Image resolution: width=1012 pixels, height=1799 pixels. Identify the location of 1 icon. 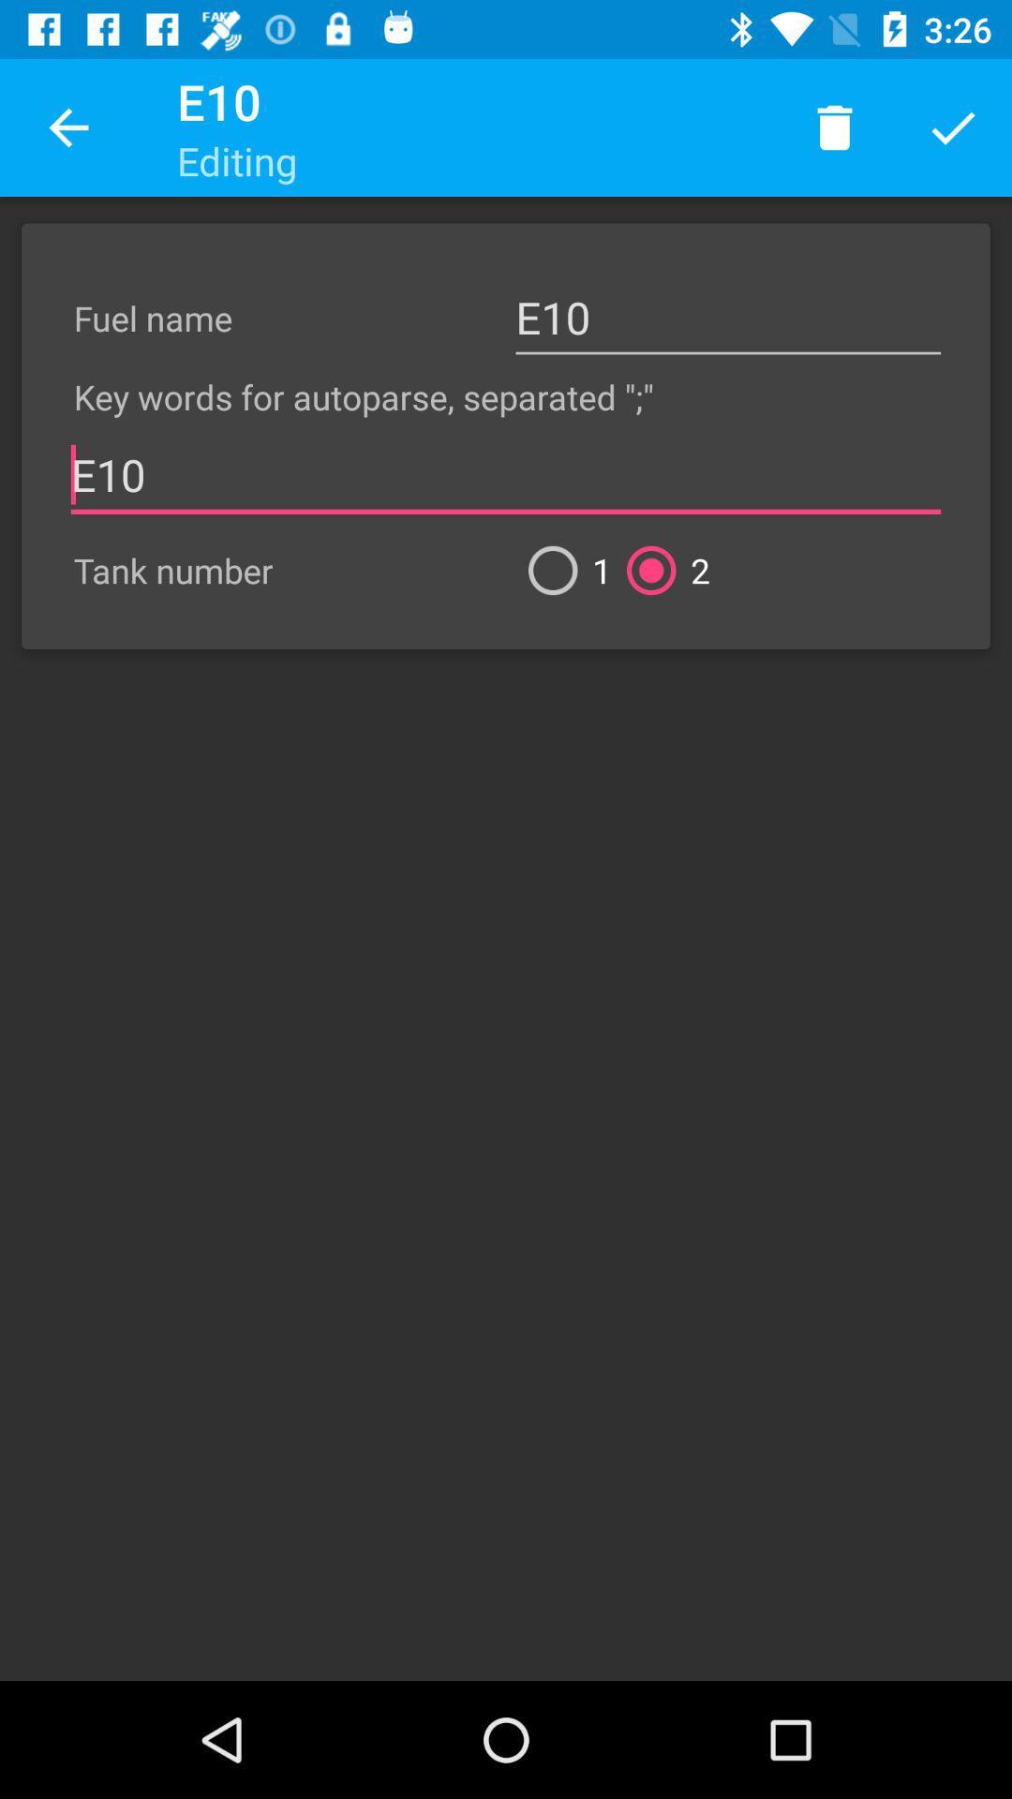
(561, 570).